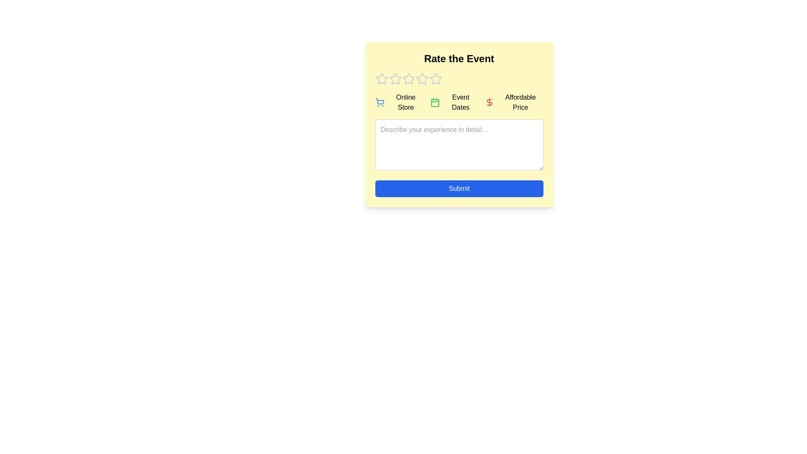 This screenshot has width=807, height=454. I want to click on the event rating to 1 stars by clicking on the corresponding star, so click(381, 79).